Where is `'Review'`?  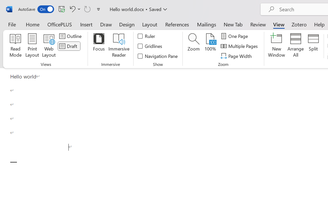
'Review' is located at coordinates (258, 24).